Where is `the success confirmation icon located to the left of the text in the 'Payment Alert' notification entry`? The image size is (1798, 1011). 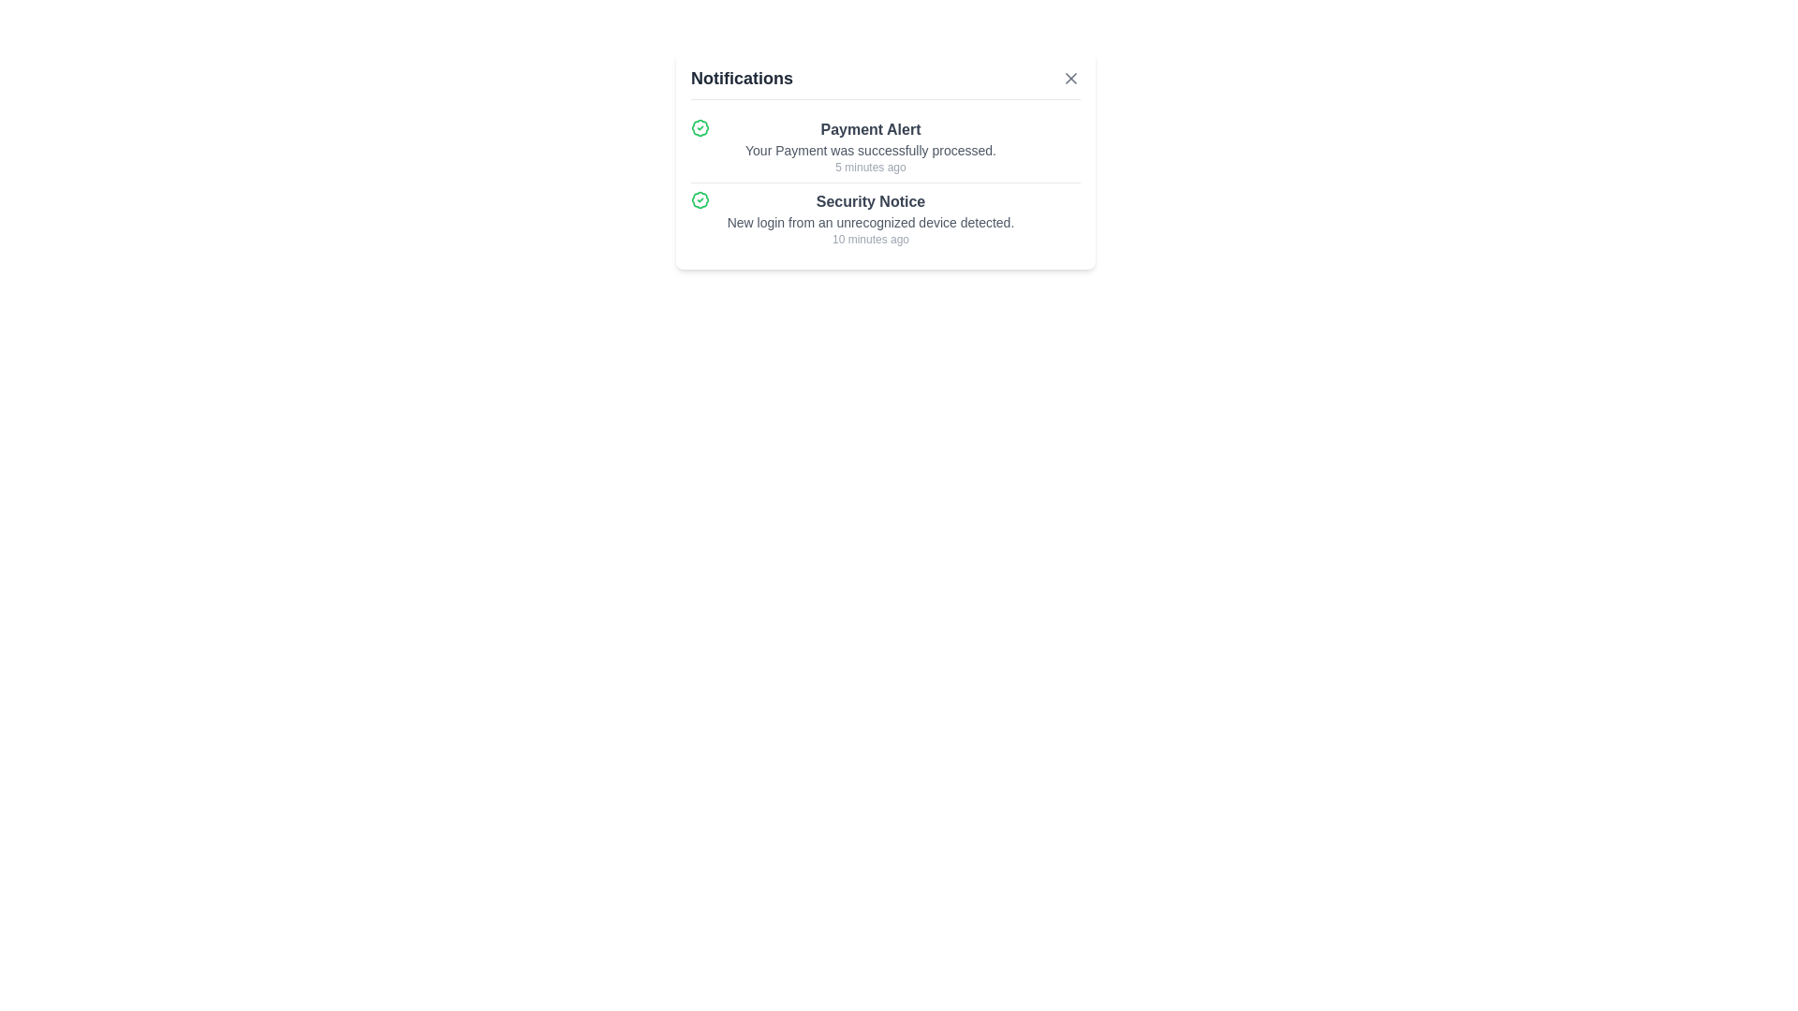
the success confirmation icon located to the left of the text in the 'Payment Alert' notification entry is located at coordinates (700, 127).